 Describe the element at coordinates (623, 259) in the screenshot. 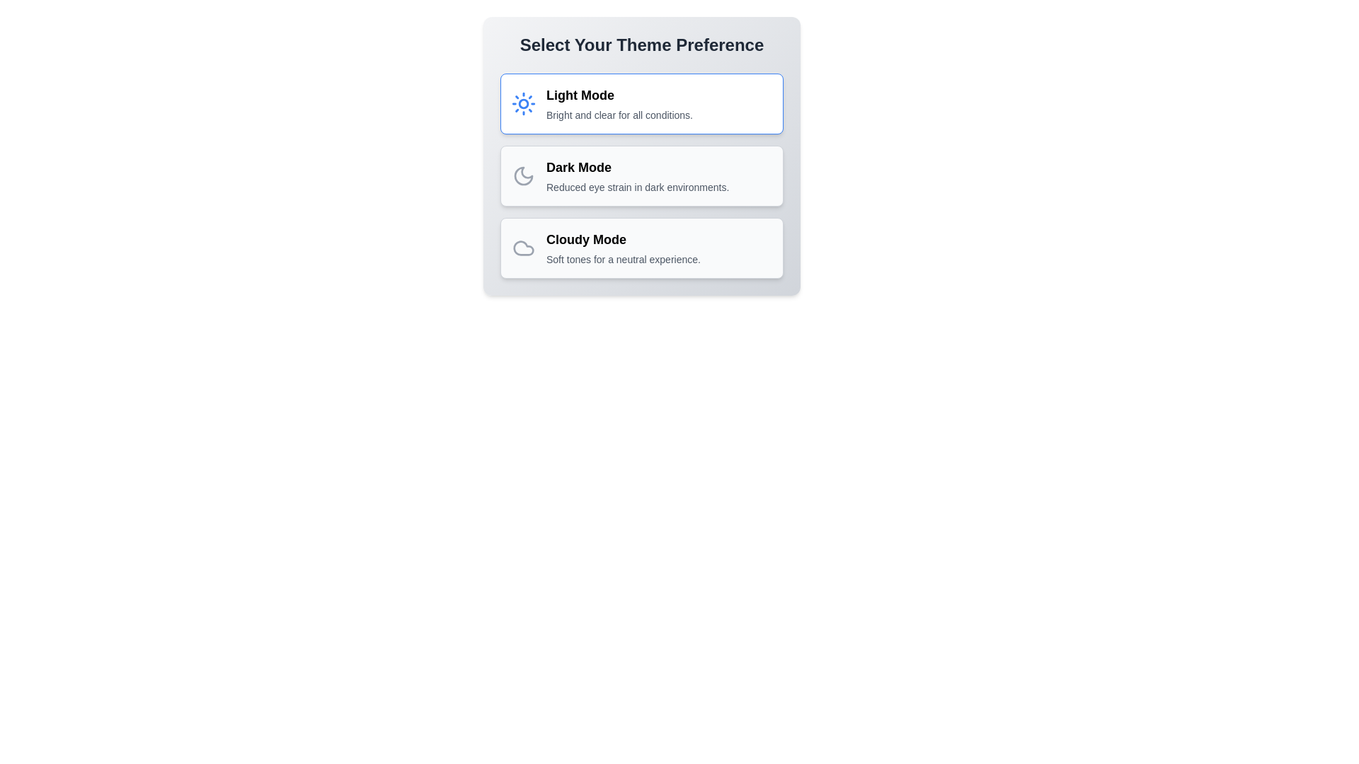

I see `the text label that reads 'Soft tones for a neutral experience.' located below the title 'Cloudy Mode' in the theme preference selector` at that location.